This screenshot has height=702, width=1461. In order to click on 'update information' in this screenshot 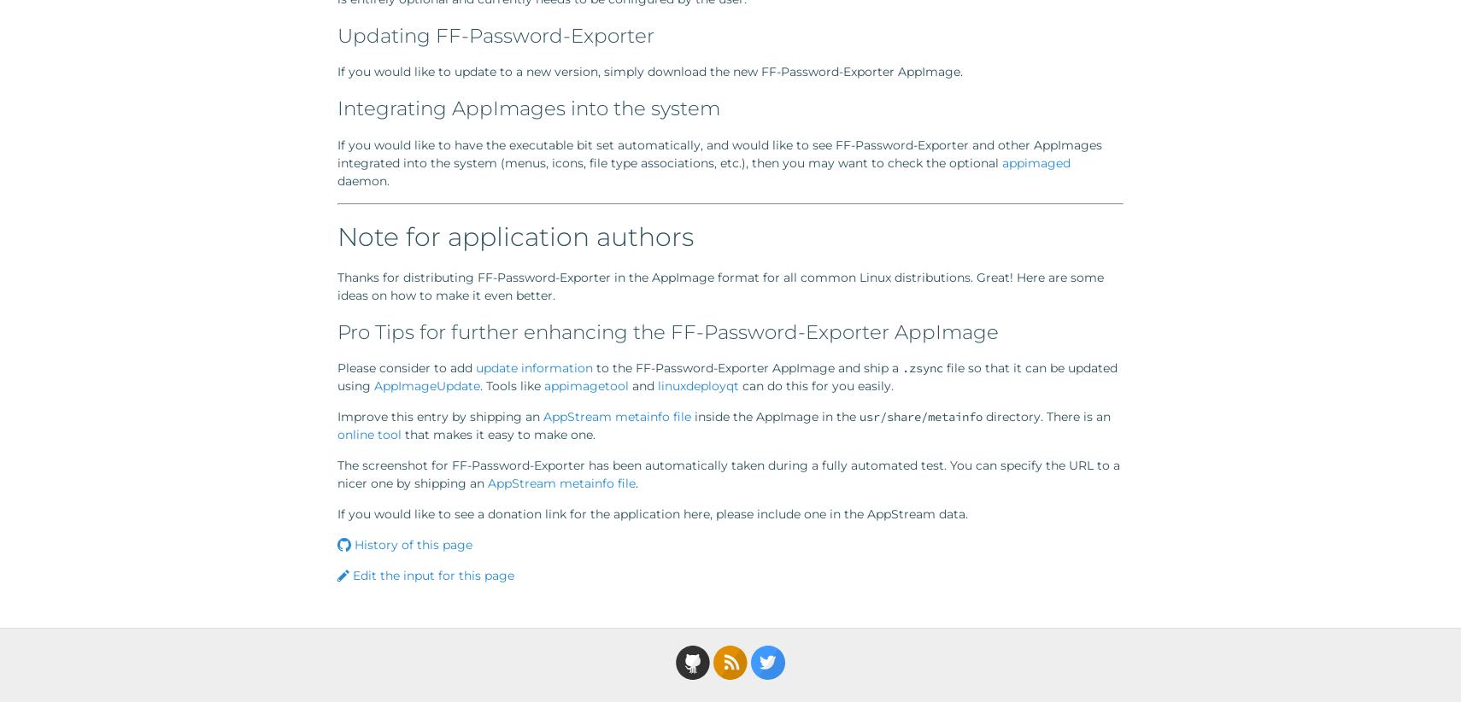, I will do `click(475, 366)`.